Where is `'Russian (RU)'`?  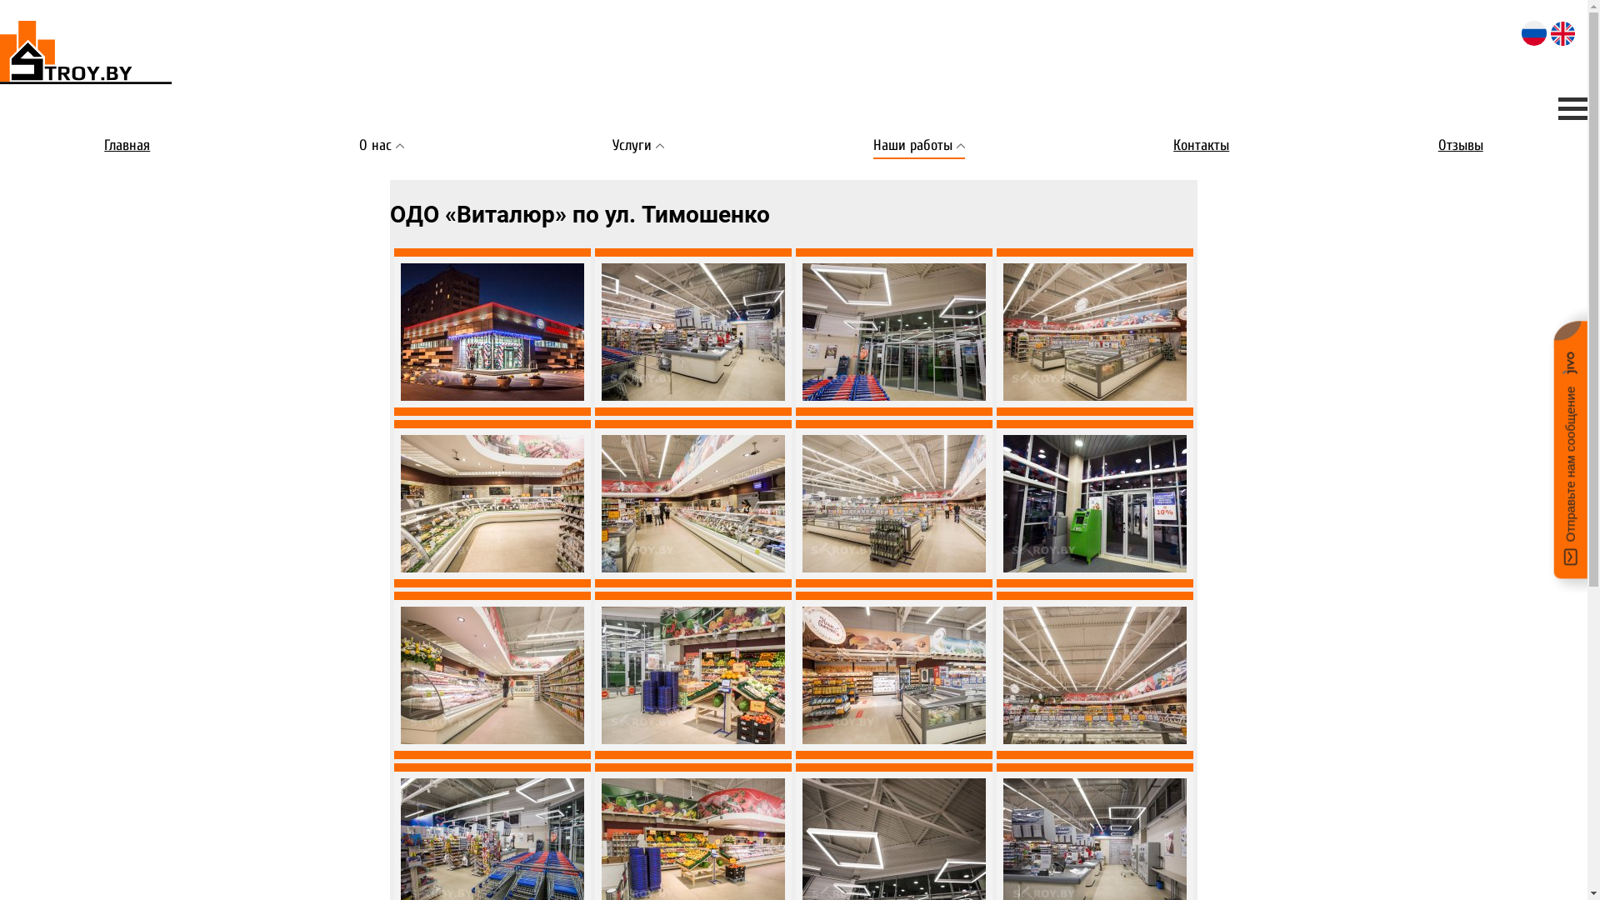
'Russian (RU)' is located at coordinates (1533, 32).